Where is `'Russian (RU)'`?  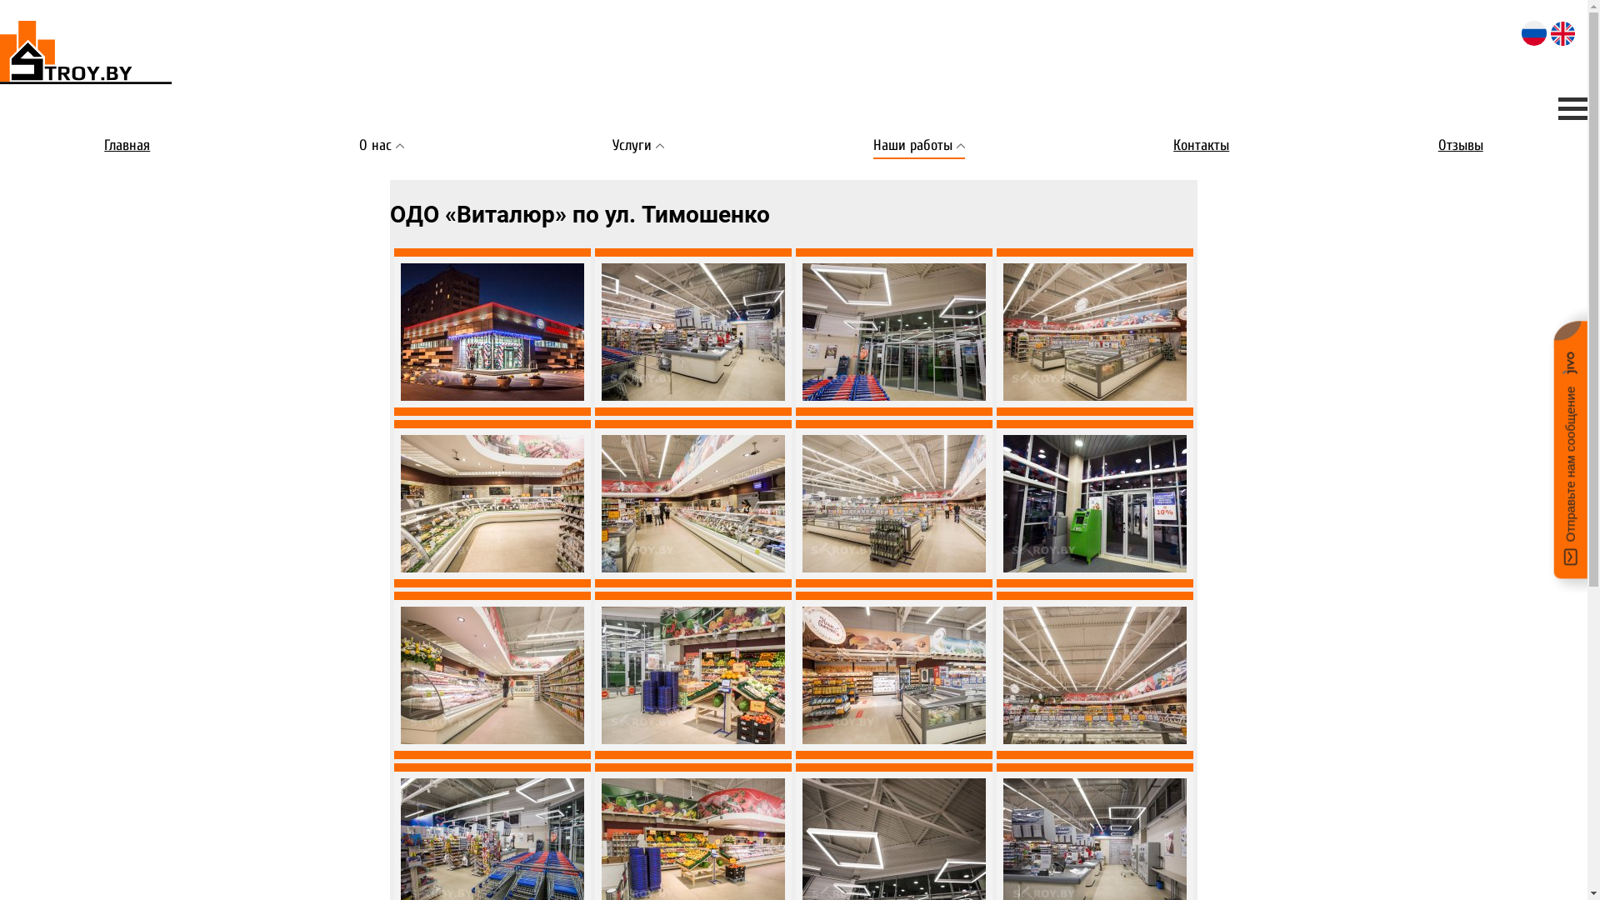
'Russian (RU)' is located at coordinates (1533, 32).